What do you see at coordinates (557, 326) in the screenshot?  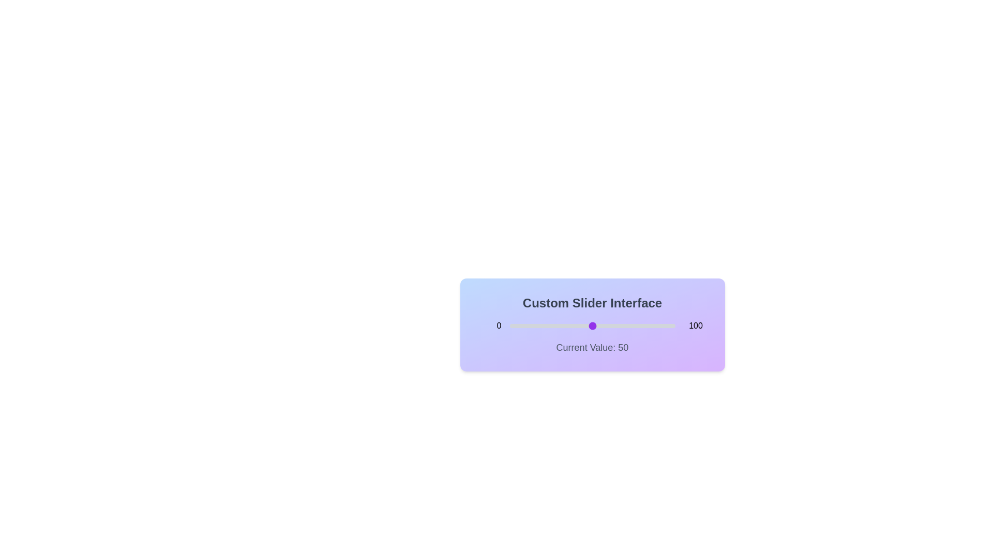 I see `the slider to set its value to 29` at bounding box center [557, 326].